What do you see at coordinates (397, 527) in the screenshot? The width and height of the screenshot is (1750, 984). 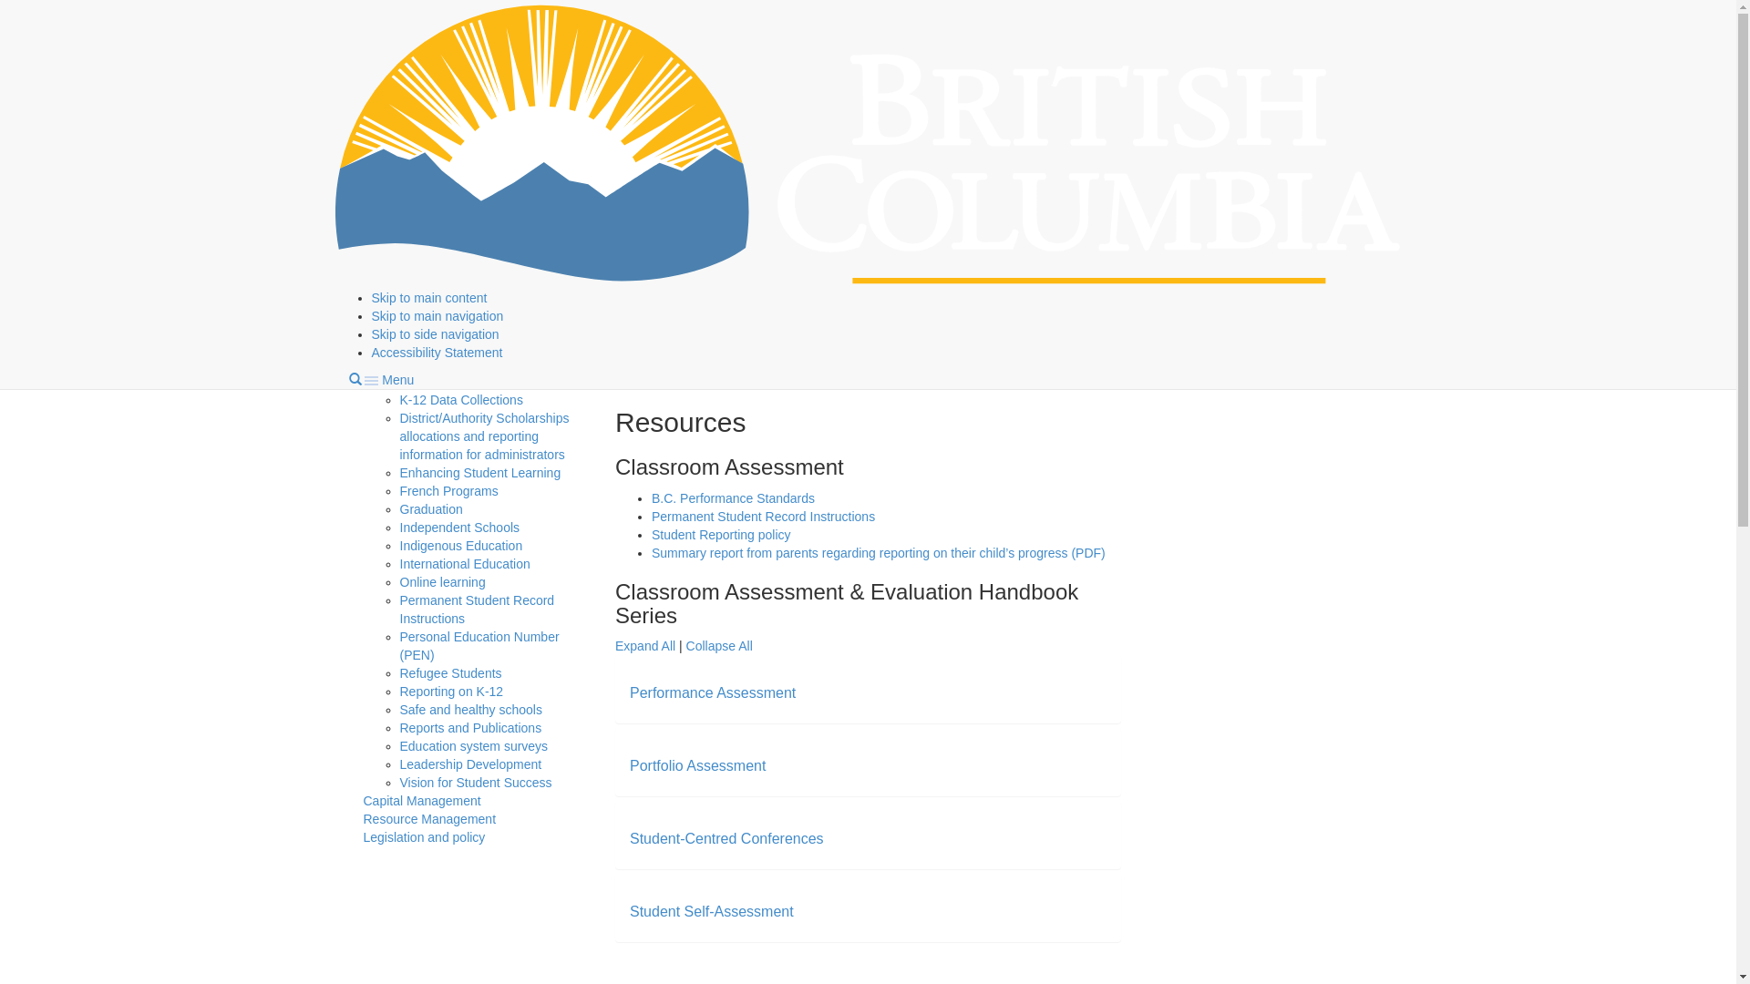 I see `'Independent Schools'` at bounding box center [397, 527].